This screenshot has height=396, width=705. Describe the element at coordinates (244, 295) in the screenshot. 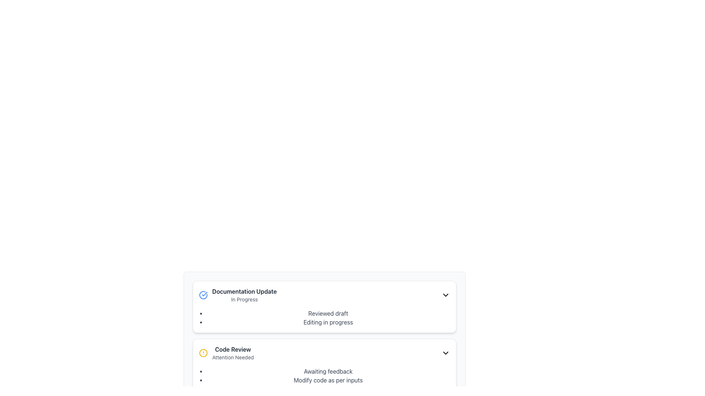

I see `the text label indicating 'Documentation Update' which shows its status as 'In Progress', the first item in the task list` at that location.